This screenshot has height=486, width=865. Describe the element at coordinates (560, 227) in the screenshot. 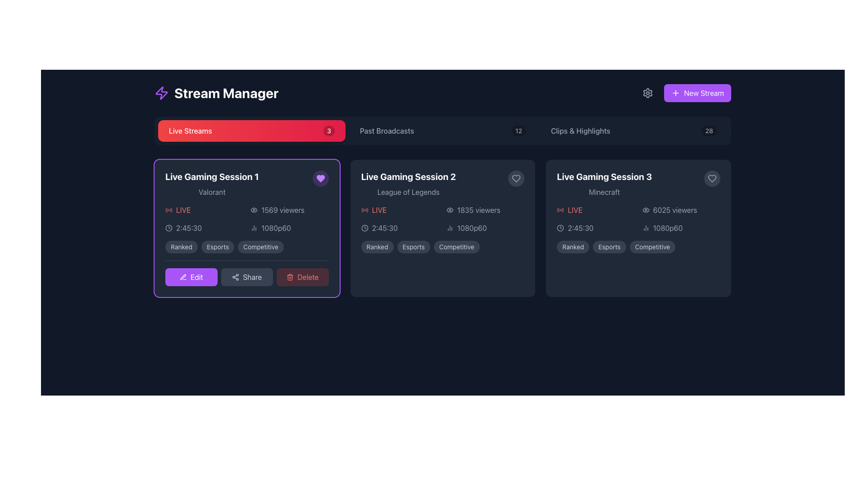

I see `the circular outline within the clock icon, which indicates time-related information about the live stream` at that location.